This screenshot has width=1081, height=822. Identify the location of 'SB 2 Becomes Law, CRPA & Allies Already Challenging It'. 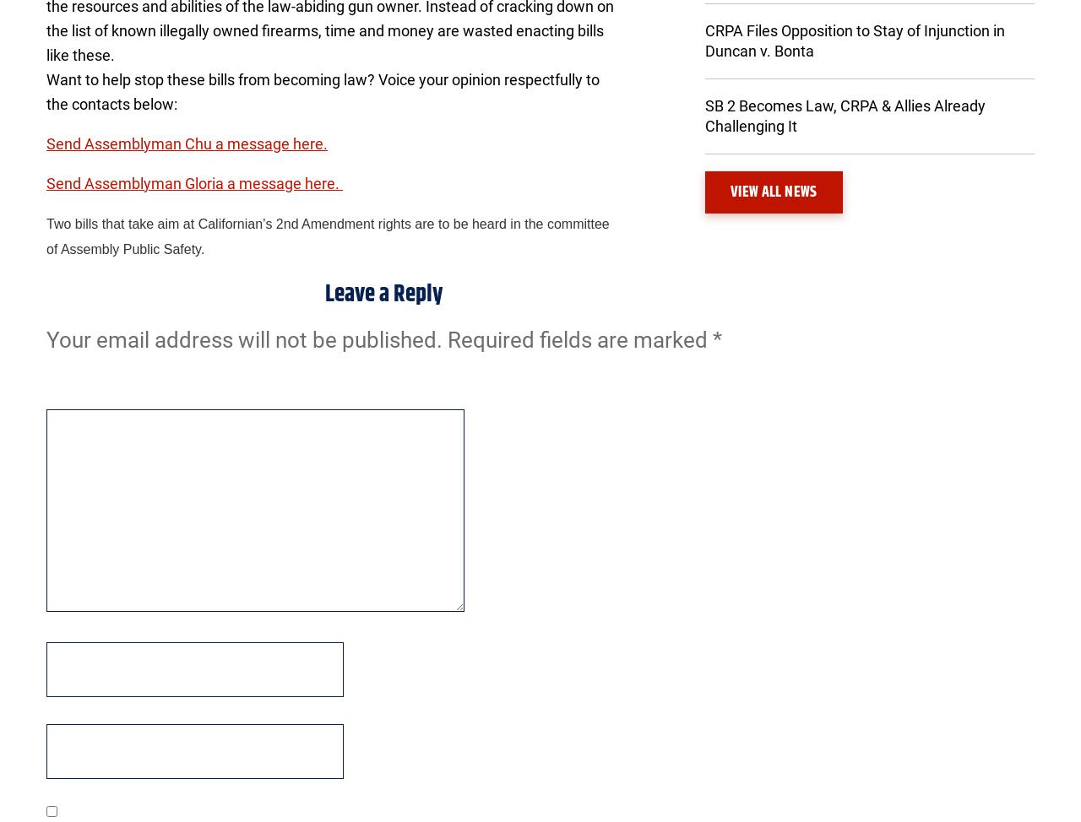
(844, 115).